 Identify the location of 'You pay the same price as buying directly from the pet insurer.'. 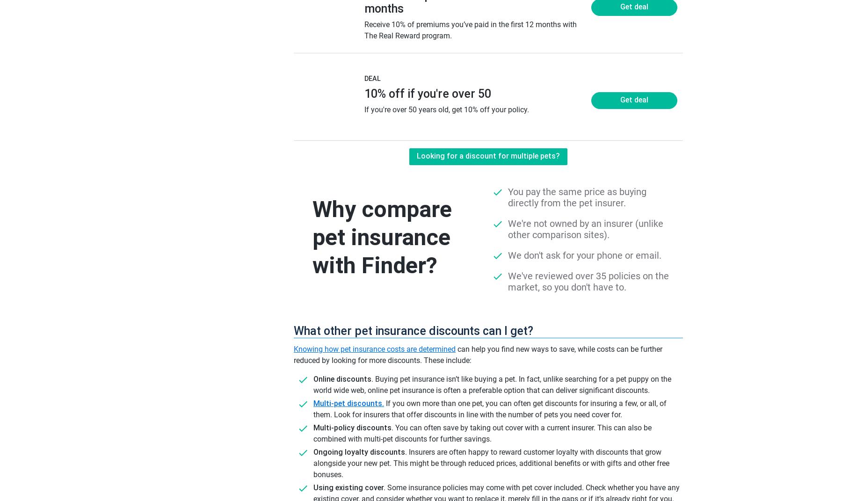
(577, 197).